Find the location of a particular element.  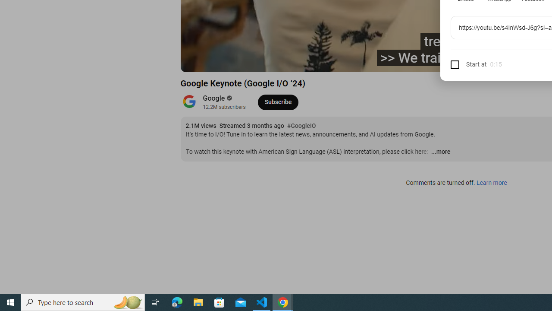

'...more' is located at coordinates (440, 152).